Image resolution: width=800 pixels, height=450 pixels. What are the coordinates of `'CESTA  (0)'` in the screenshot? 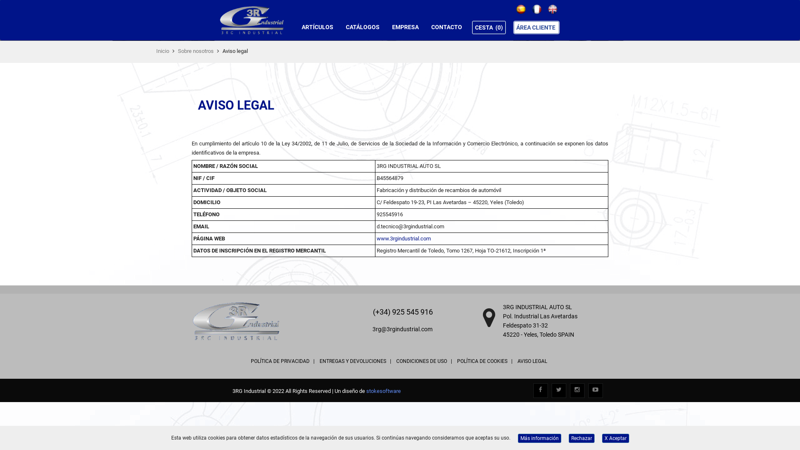 It's located at (489, 27).